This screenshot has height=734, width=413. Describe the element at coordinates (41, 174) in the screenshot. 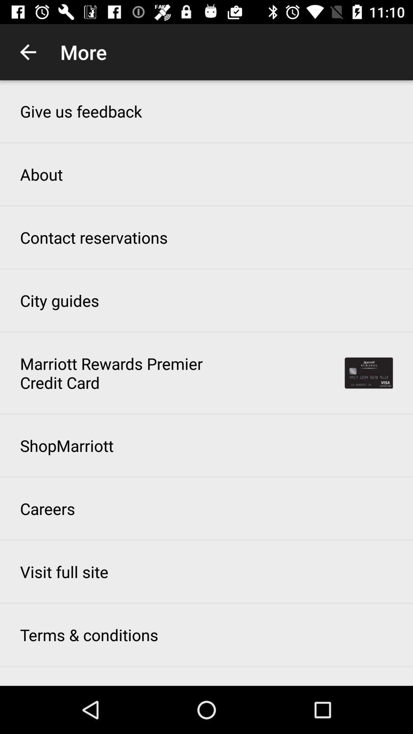

I see `item above the contact reservations` at that location.